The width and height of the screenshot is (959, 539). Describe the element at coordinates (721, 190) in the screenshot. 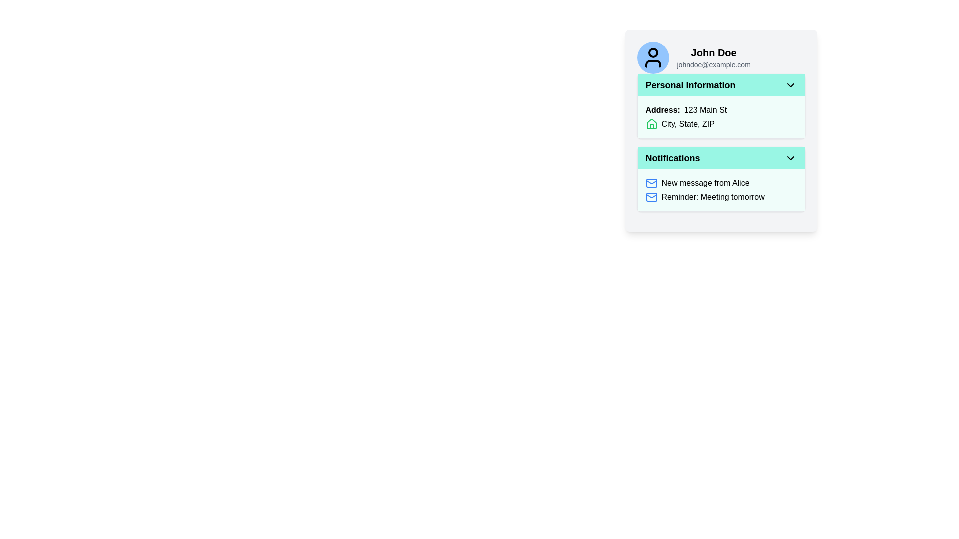

I see `displayed text from the Notification card located in the 'Notifications' section of the user information panel` at that location.